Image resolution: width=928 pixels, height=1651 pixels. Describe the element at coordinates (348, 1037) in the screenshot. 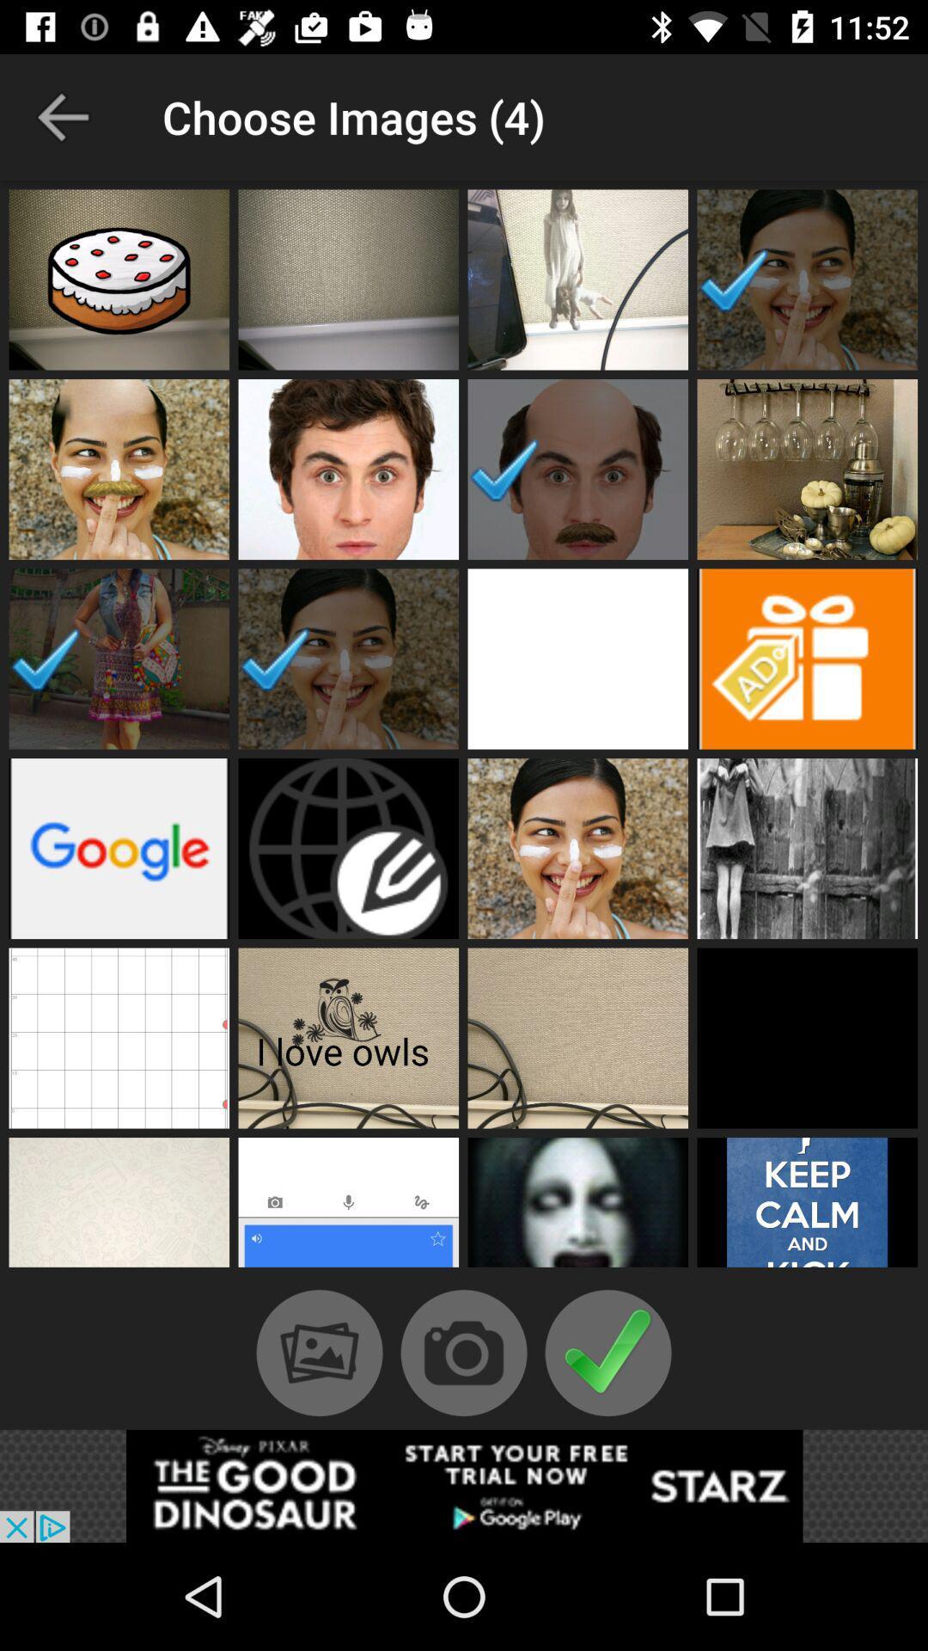

I see `image` at that location.